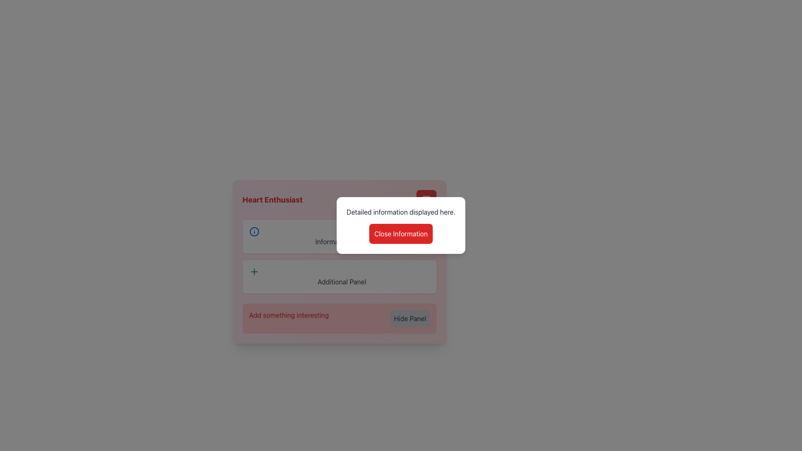  I want to click on the text label that serves as the title or header for the card section, positioned at the top of the card above 'Information Panel' and 'Additional Panel', so click(339, 200).